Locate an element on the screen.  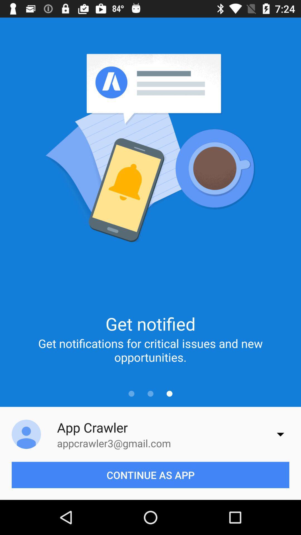
item below the appcrawler3@gmail.com item is located at coordinates (151, 475).